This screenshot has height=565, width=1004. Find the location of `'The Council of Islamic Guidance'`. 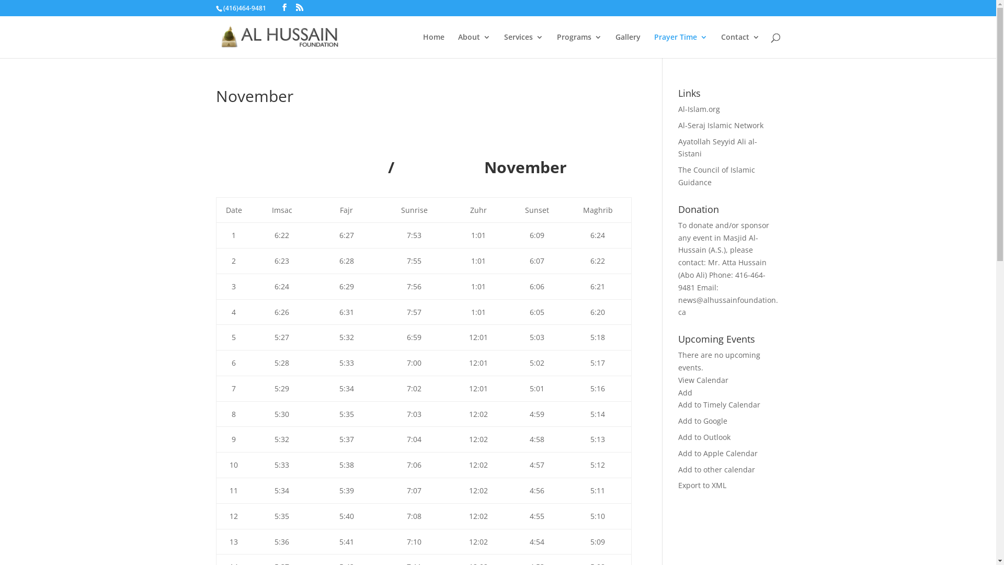

'The Council of Islamic Guidance' is located at coordinates (716, 175).